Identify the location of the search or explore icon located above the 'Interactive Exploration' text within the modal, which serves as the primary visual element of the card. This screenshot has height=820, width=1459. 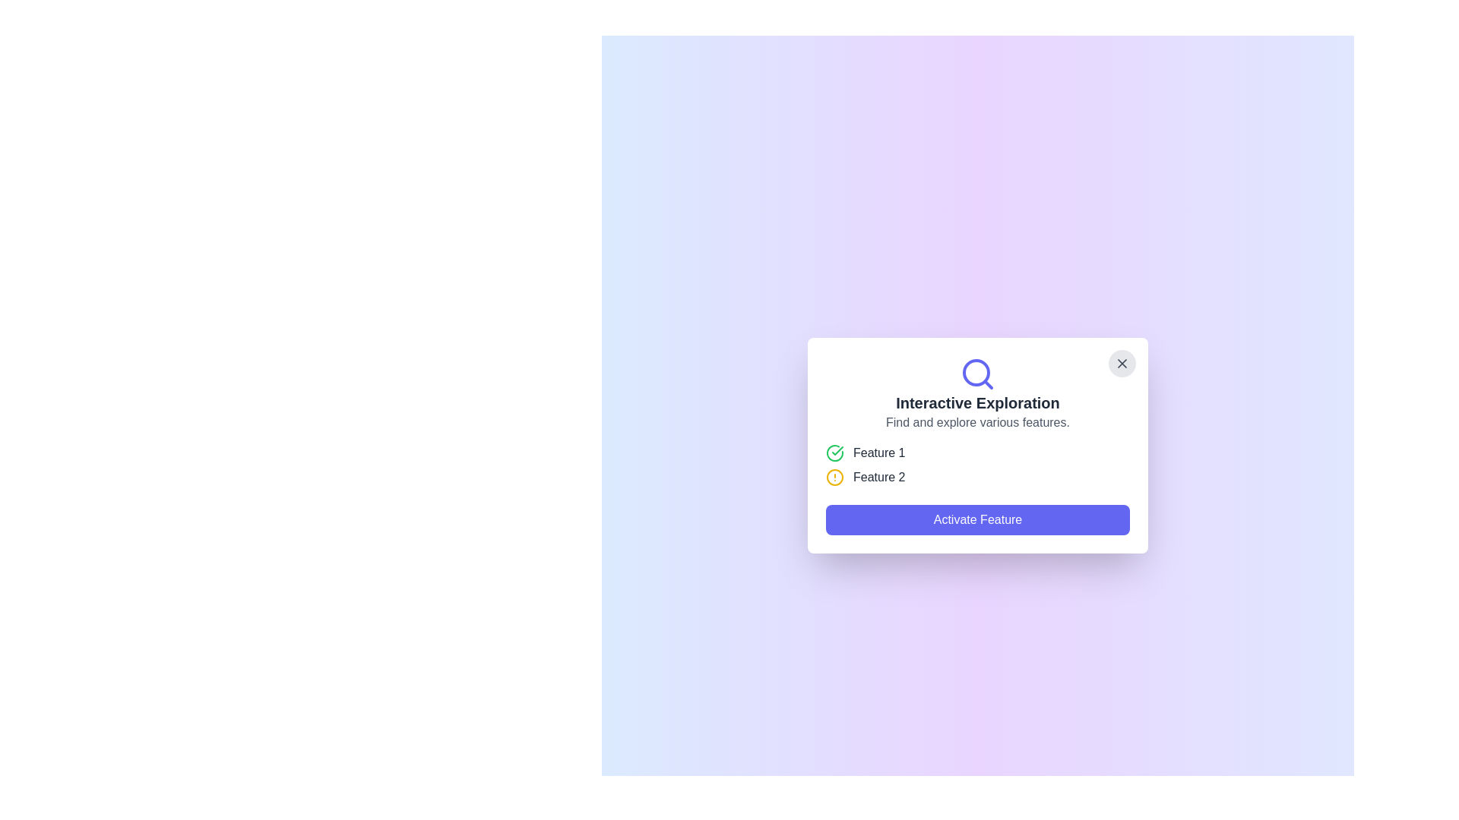
(977, 374).